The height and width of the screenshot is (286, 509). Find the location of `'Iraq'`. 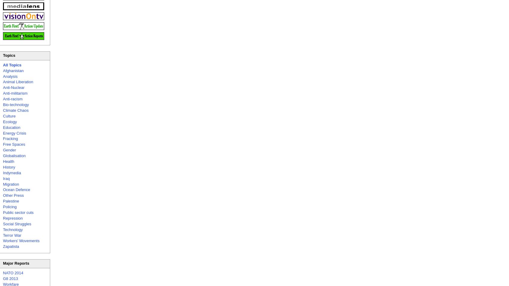

'Iraq' is located at coordinates (6, 178).